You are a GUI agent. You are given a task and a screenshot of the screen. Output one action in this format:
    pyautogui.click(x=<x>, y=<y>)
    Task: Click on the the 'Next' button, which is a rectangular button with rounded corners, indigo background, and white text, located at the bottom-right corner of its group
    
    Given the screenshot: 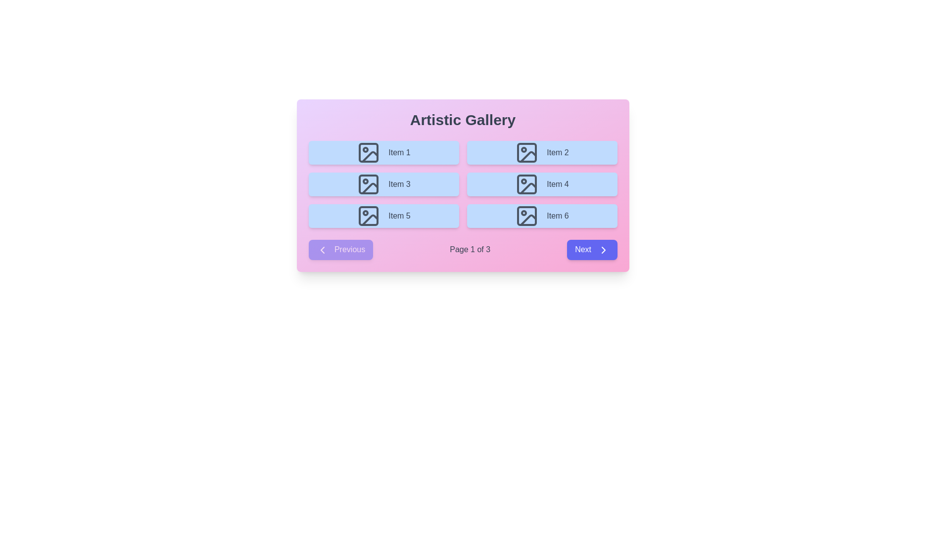 What is the action you would take?
    pyautogui.click(x=592, y=249)
    